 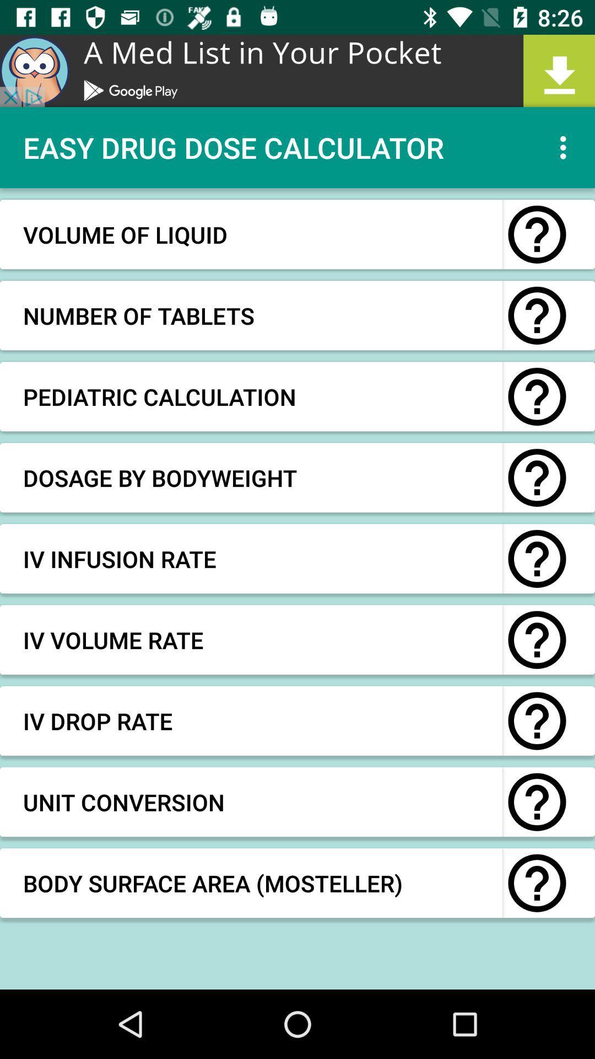 What do you see at coordinates (537, 559) in the screenshot?
I see `button` at bounding box center [537, 559].